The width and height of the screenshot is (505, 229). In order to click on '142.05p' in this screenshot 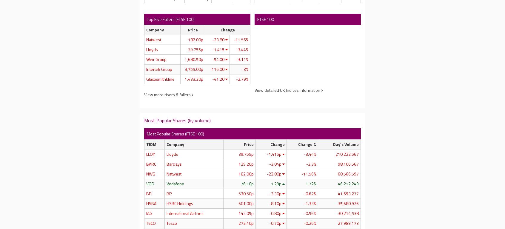, I will do `click(246, 213)`.